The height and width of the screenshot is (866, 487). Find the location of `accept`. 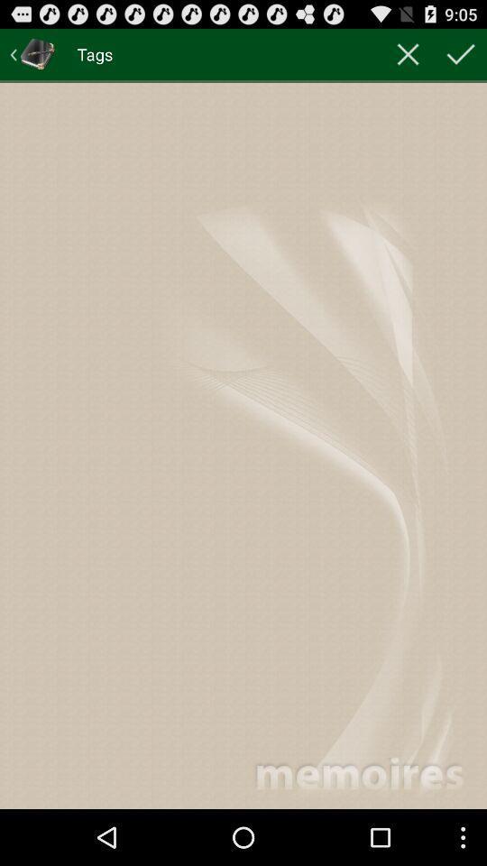

accept is located at coordinates (461, 53).